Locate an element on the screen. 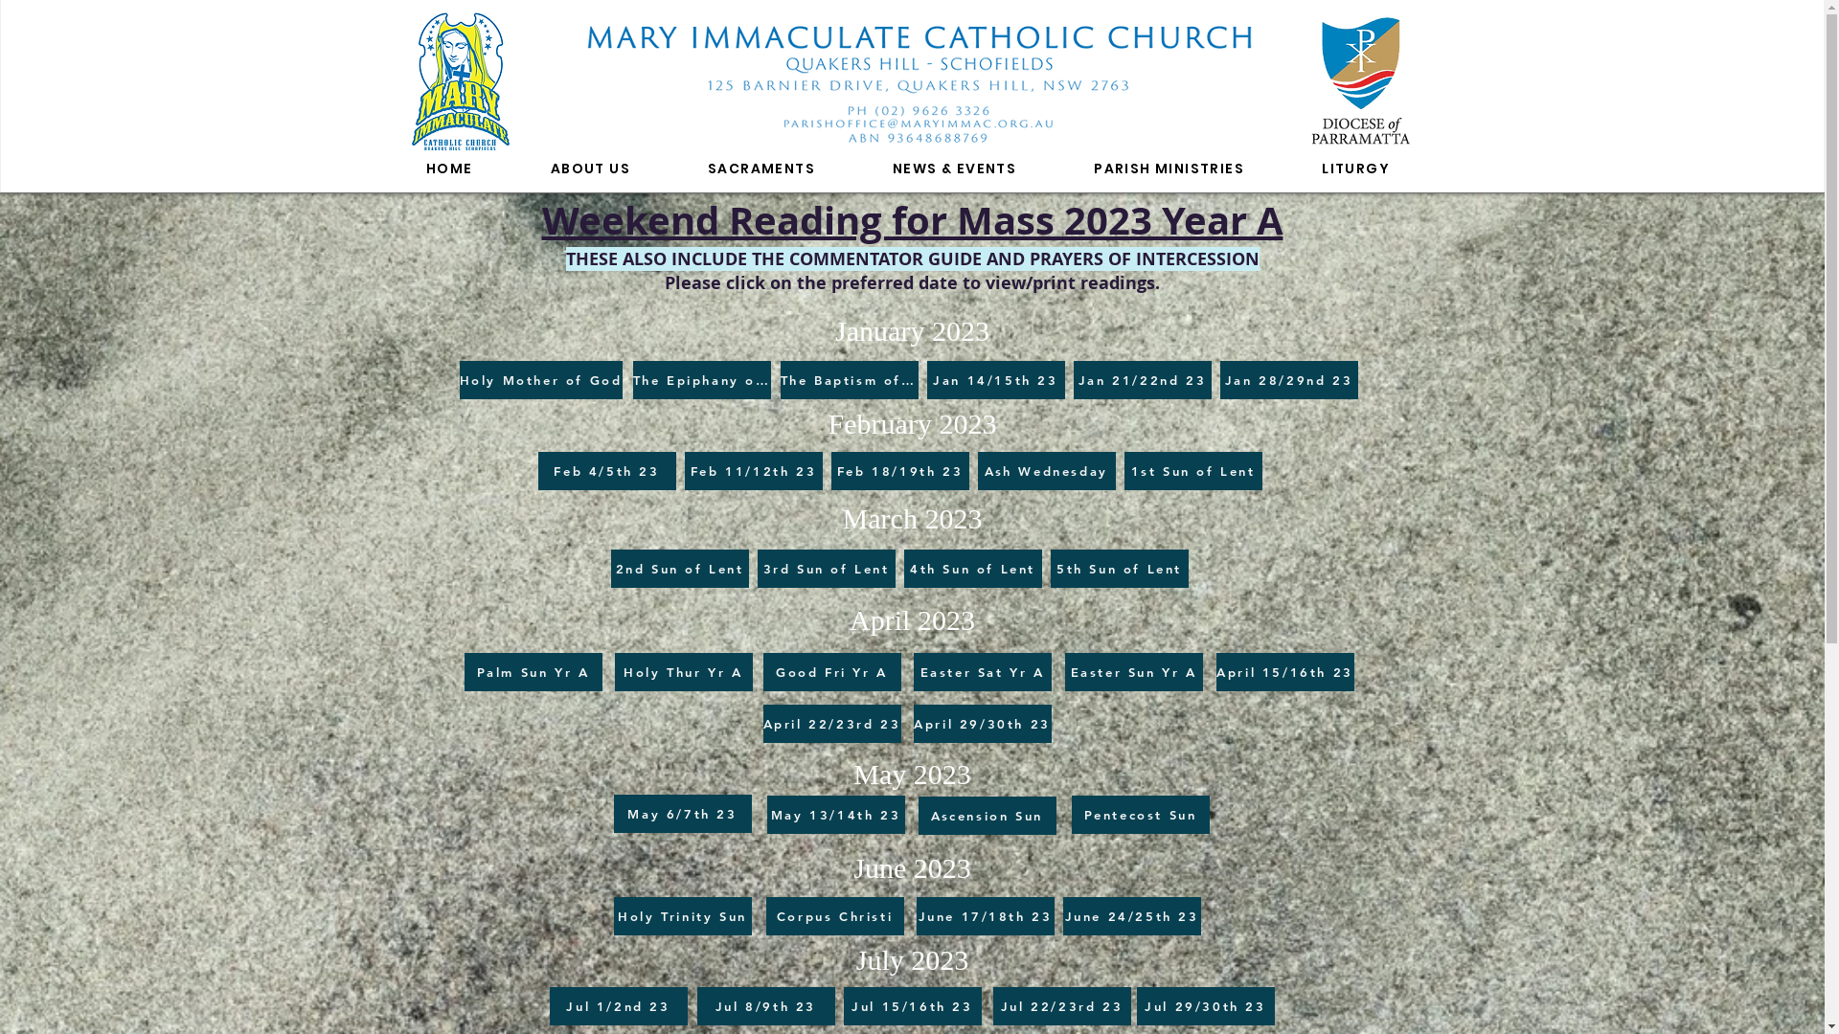 The height and width of the screenshot is (1034, 1839). 'May 13/14th 23' is located at coordinates (835, 815).